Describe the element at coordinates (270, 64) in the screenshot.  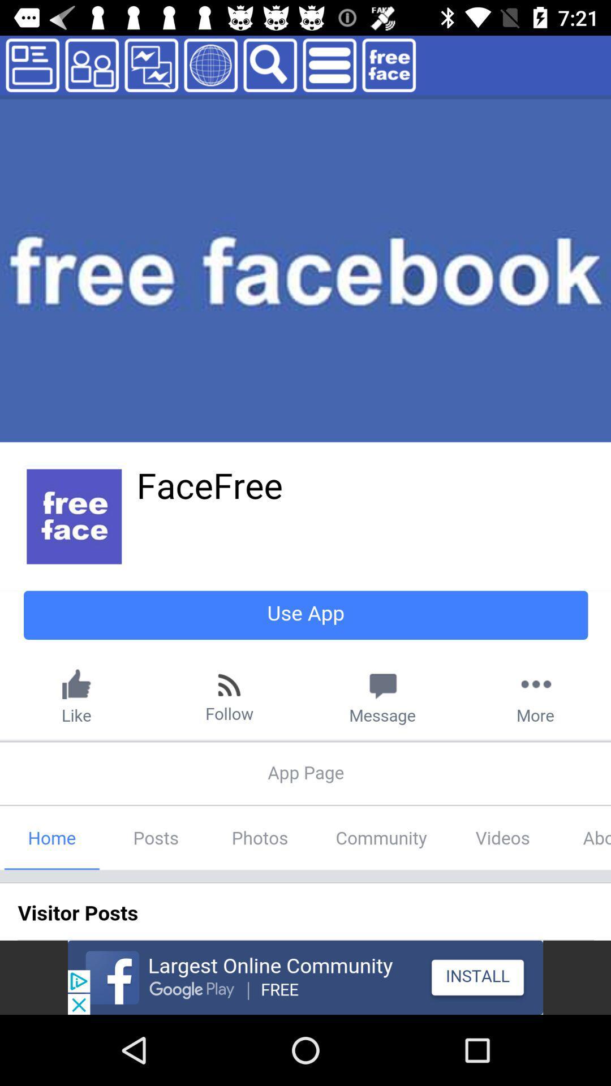
I see `the search icon` at that location.